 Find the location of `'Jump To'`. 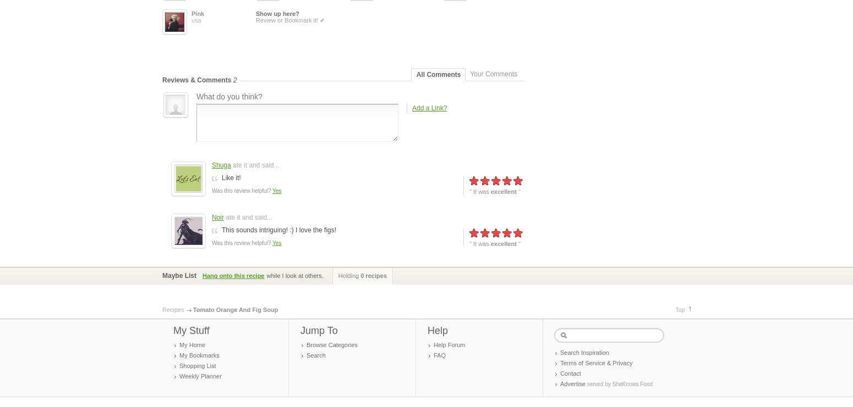

'Jump To' is located at coordinates (319, 330).